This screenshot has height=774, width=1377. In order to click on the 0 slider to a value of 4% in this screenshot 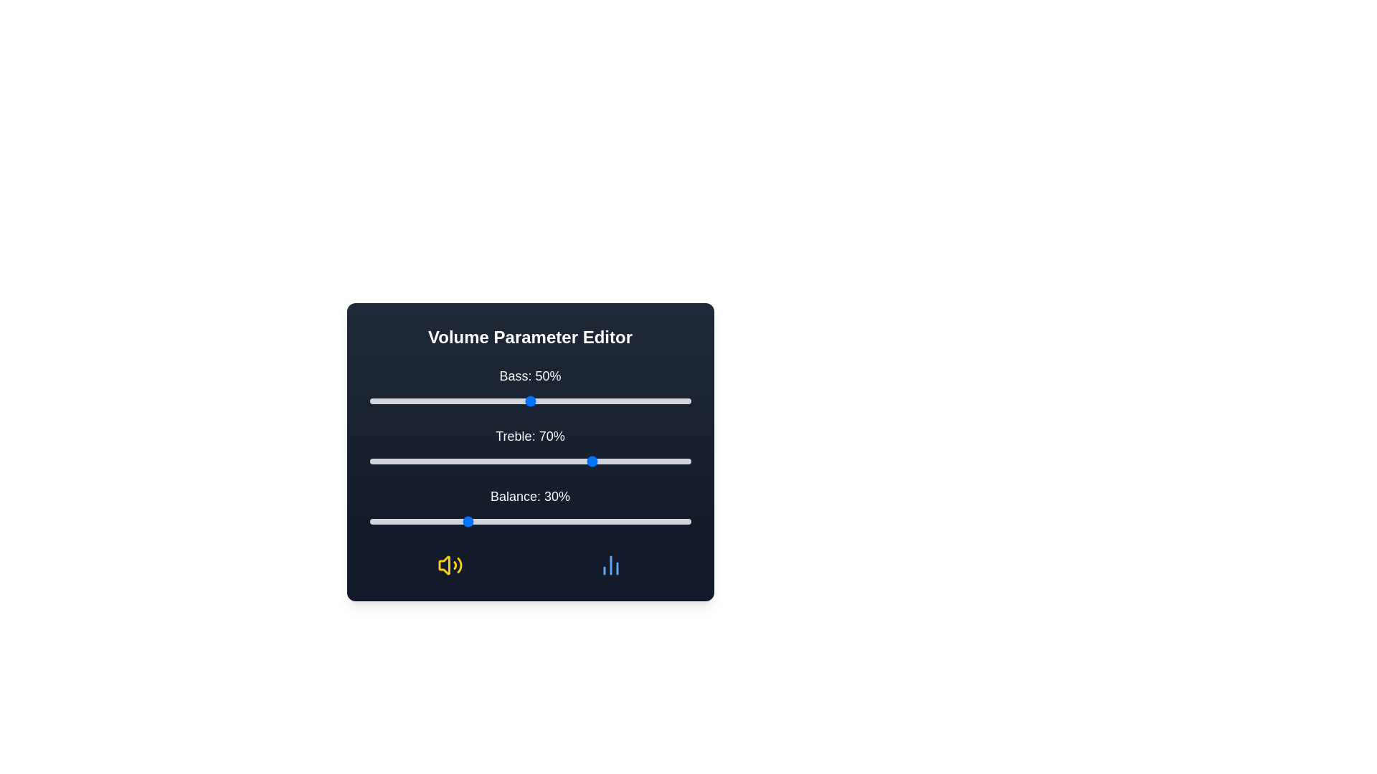, I will do `click(382, 401)`.